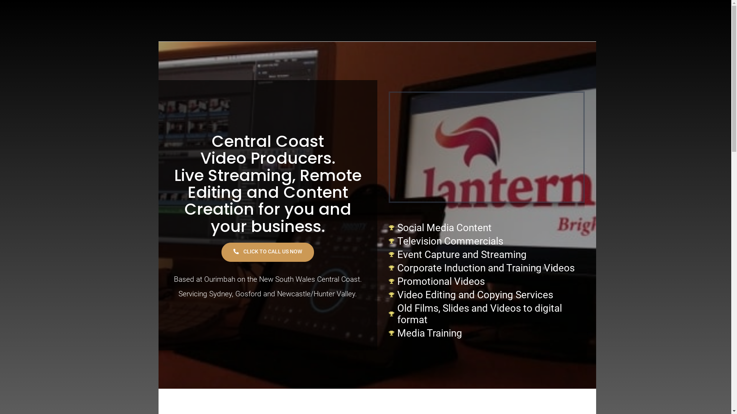 The width and height of the screenshot is (737, 414). What do you see at coordinates (221, 252) in the screenshot?
I see `'CLICK TO CALL US NOW'` at bounding box center [221, 252].